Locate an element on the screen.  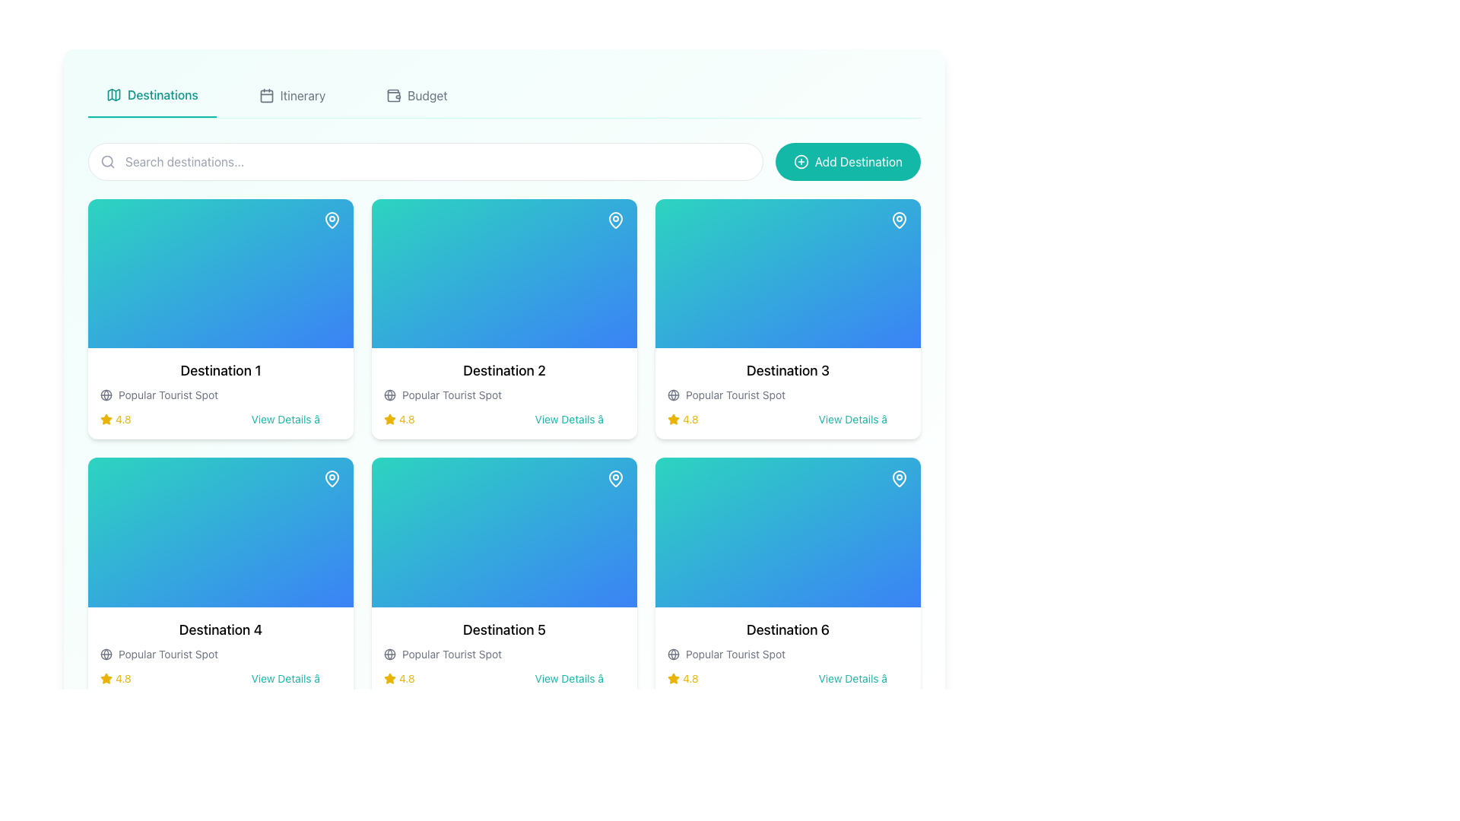
the small circular globe icon with a grid-like design located to the left of the text 'Popular Tourist Spot' within the 'Destination 5' card is located at coordinates (390, 653).